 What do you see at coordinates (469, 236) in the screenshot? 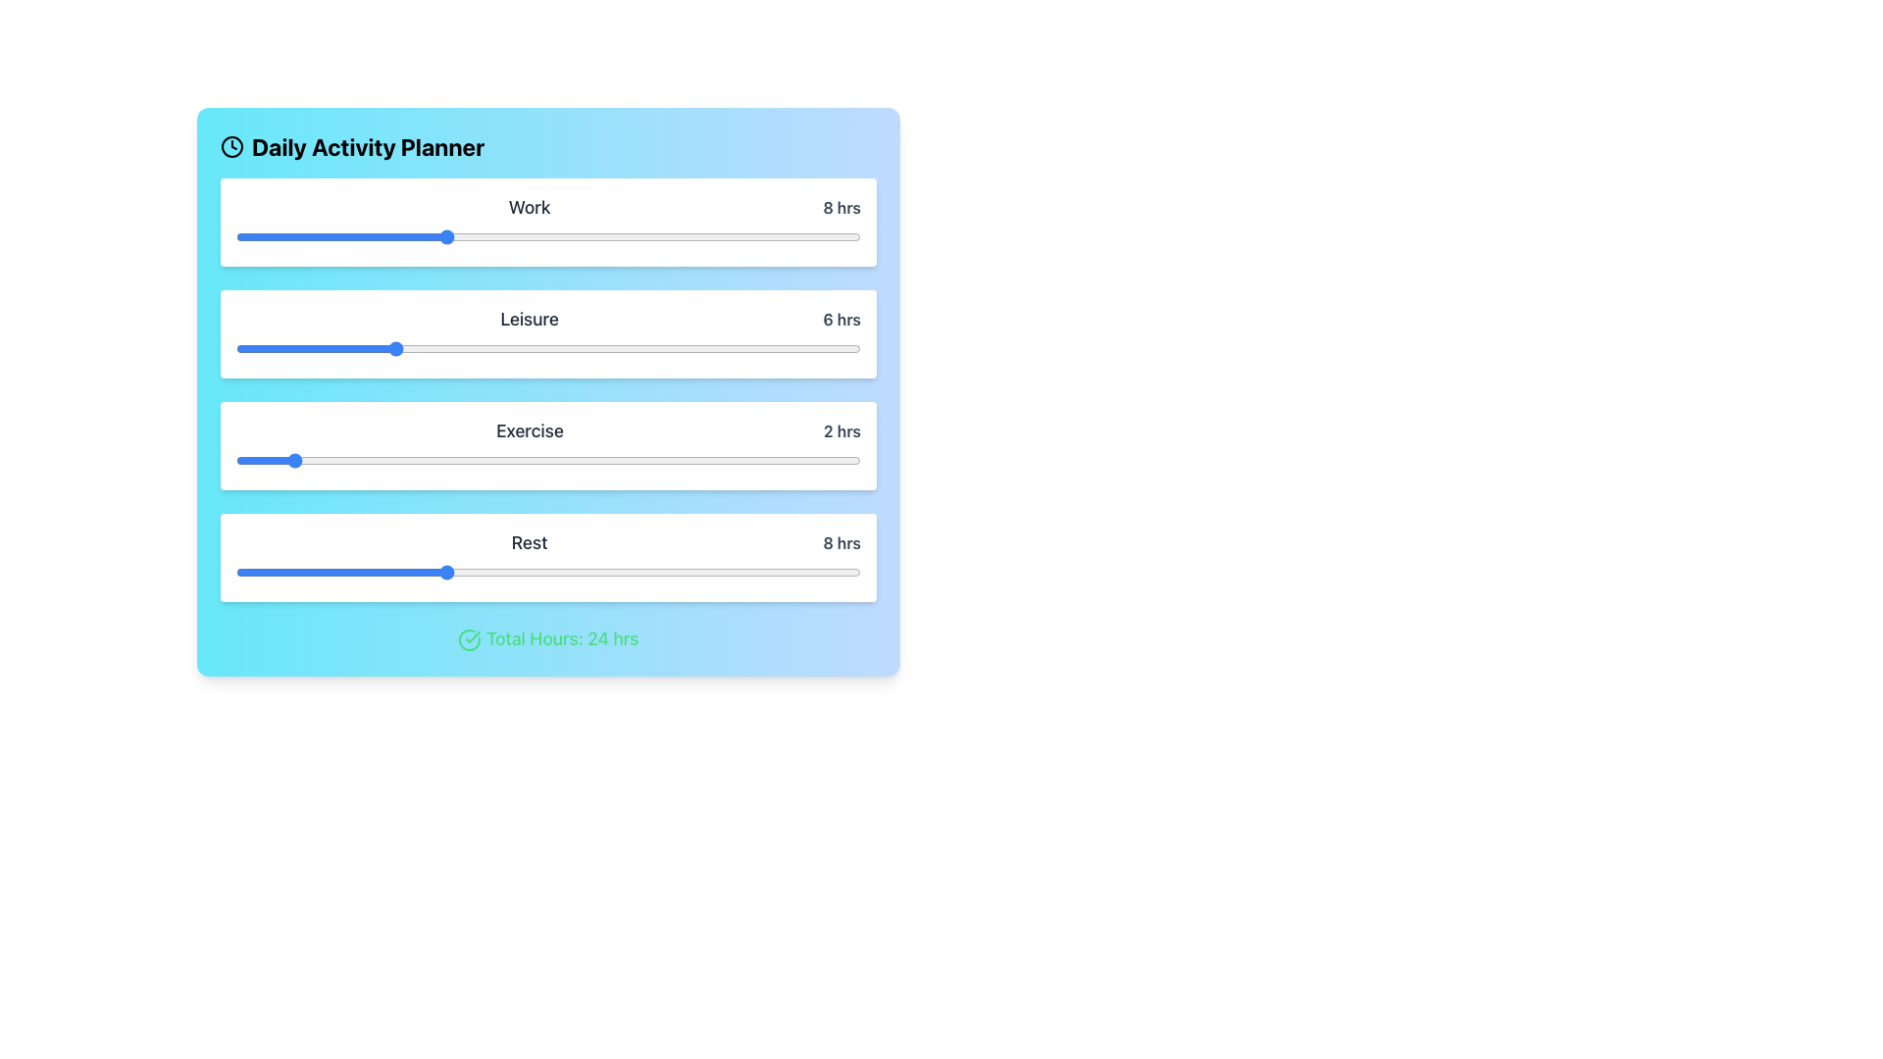
I see `'Work' hours` at bounding box center [469, 236].